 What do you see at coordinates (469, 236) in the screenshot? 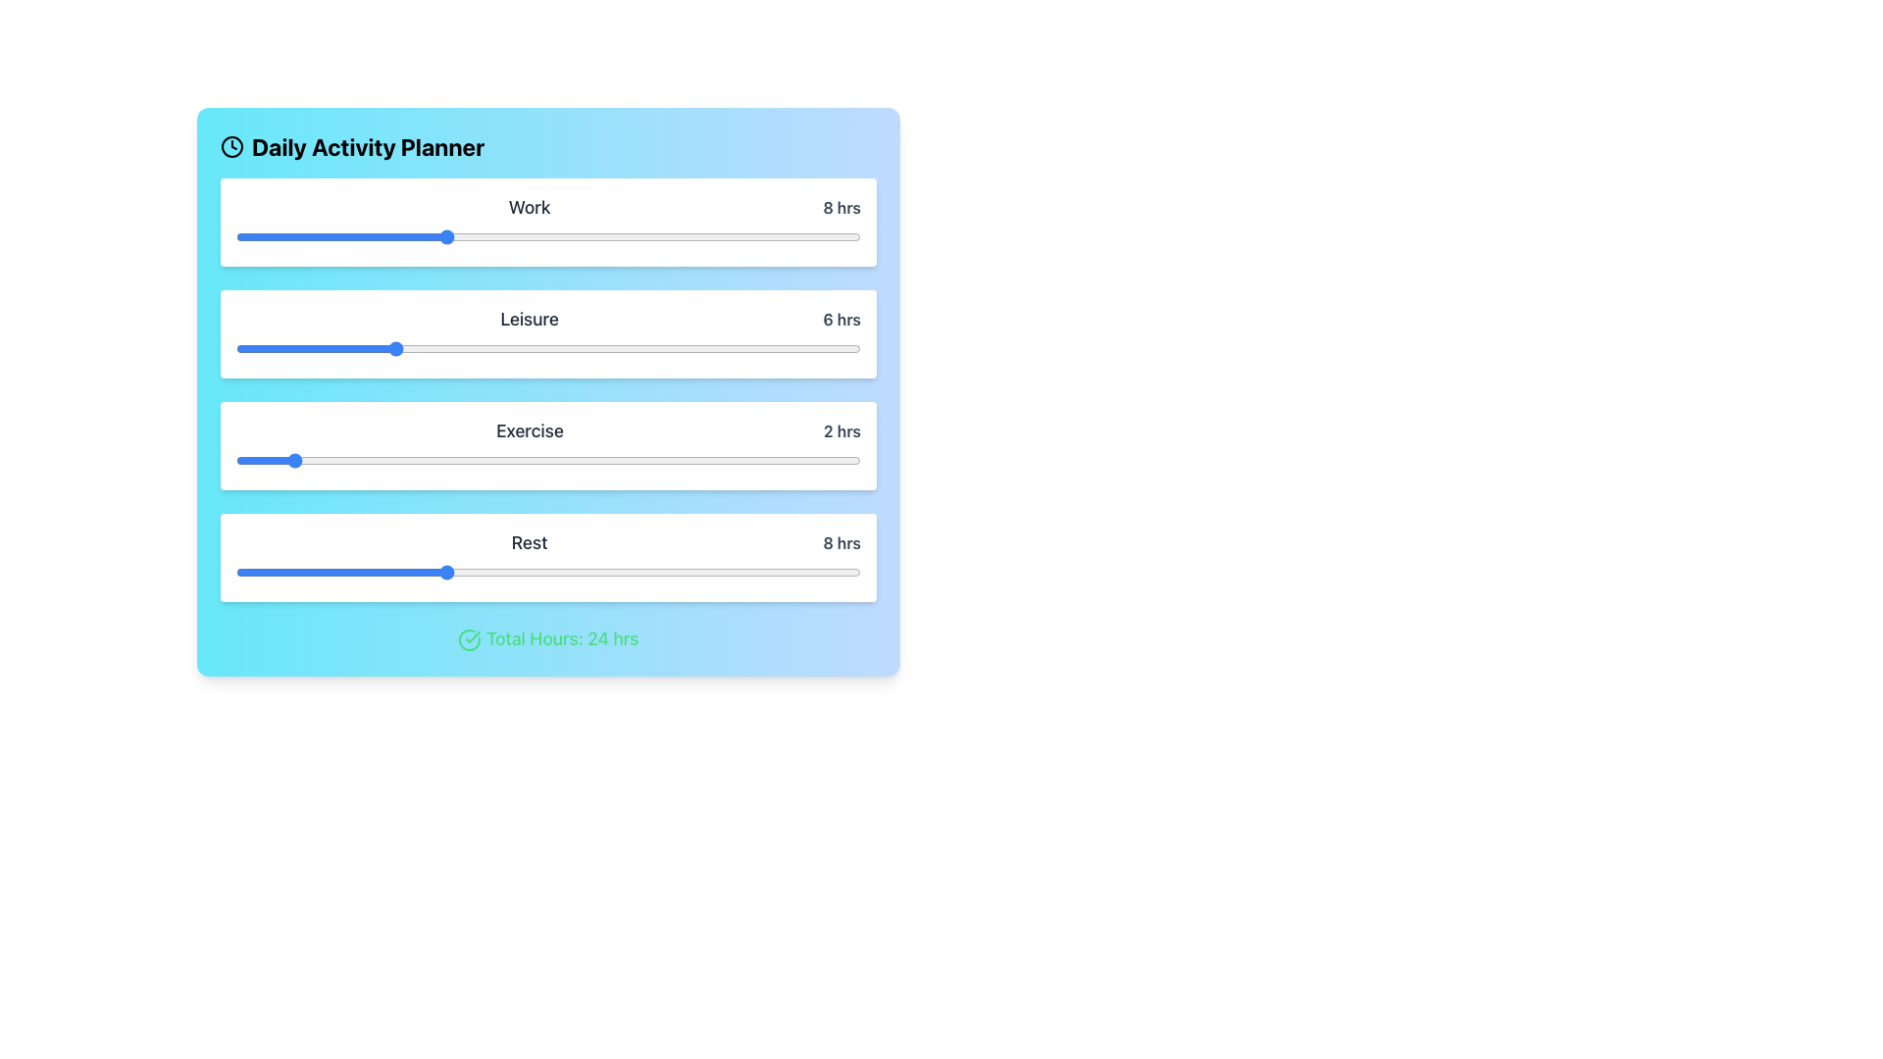
I see `'Work' hours` at bounding box center [469, 236].